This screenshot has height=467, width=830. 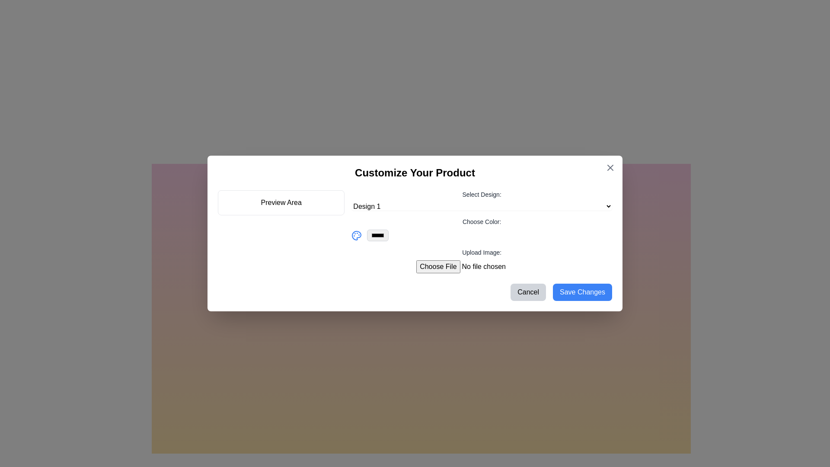 I want to click on the decorative SVG palette icon located in the 'Choose Color' section, which is styled in light blue with circular color decorations, so click(x=357, y=235).